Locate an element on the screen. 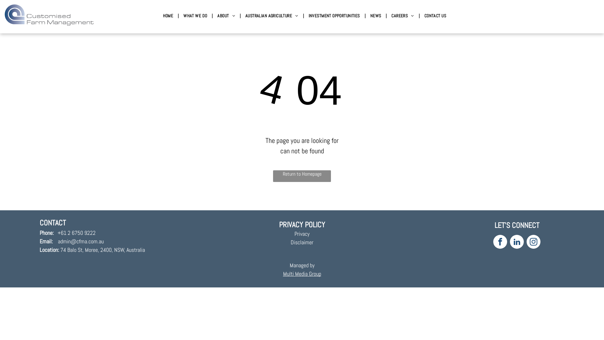 The height and width of the screenshot is (340, 604). 'INVESTMENT OPPORTUNITIES' is located at coordinates (334, 16).